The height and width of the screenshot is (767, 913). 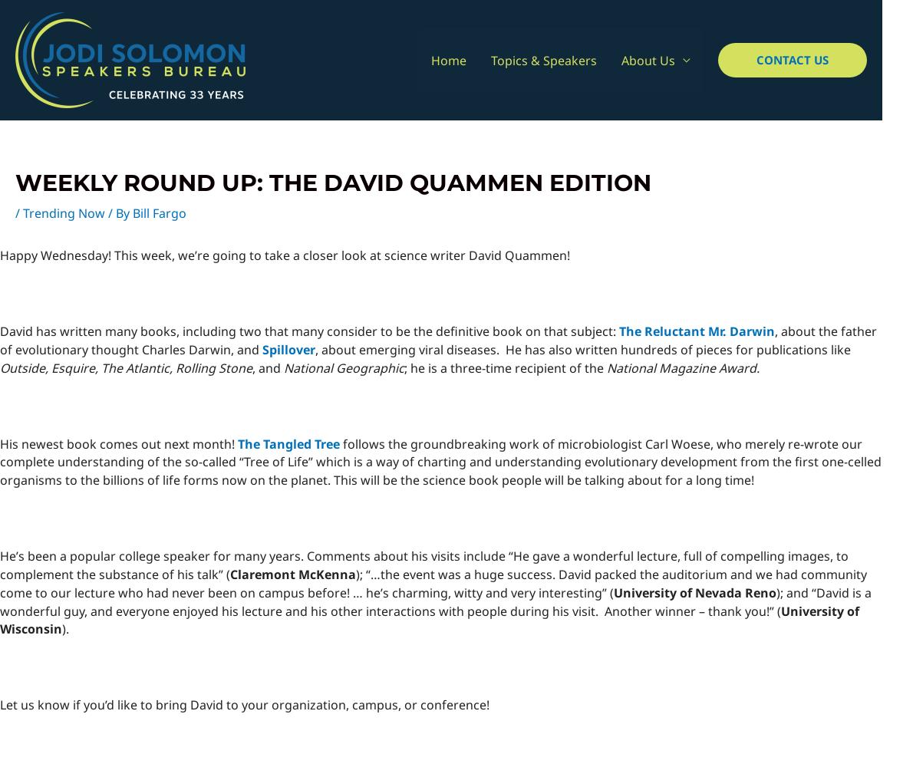 What do you see at coordinates (332, 182) in the screenshot?
I see `'Weekly Round Up: The David Quammen edition'` at bounding box center [332, 182].